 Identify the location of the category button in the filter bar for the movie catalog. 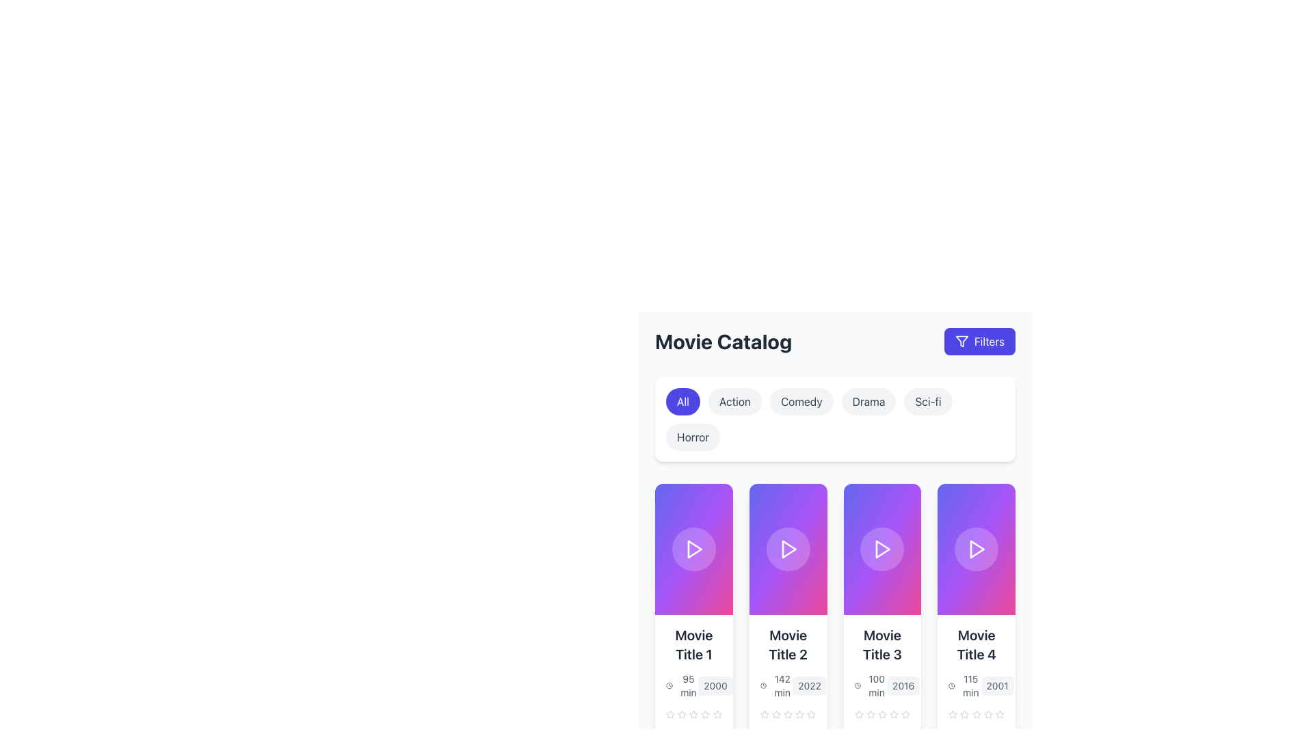
(834, 418).